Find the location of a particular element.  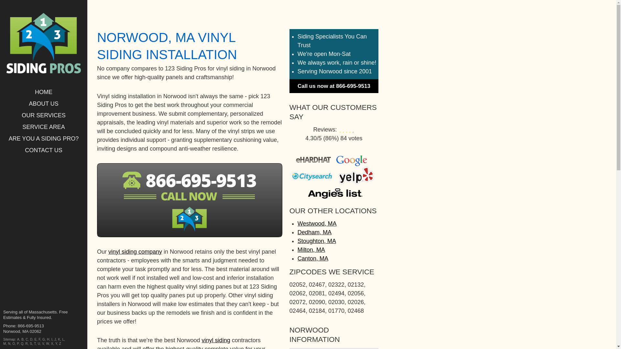

'U' is located at coordinates (37, 343).